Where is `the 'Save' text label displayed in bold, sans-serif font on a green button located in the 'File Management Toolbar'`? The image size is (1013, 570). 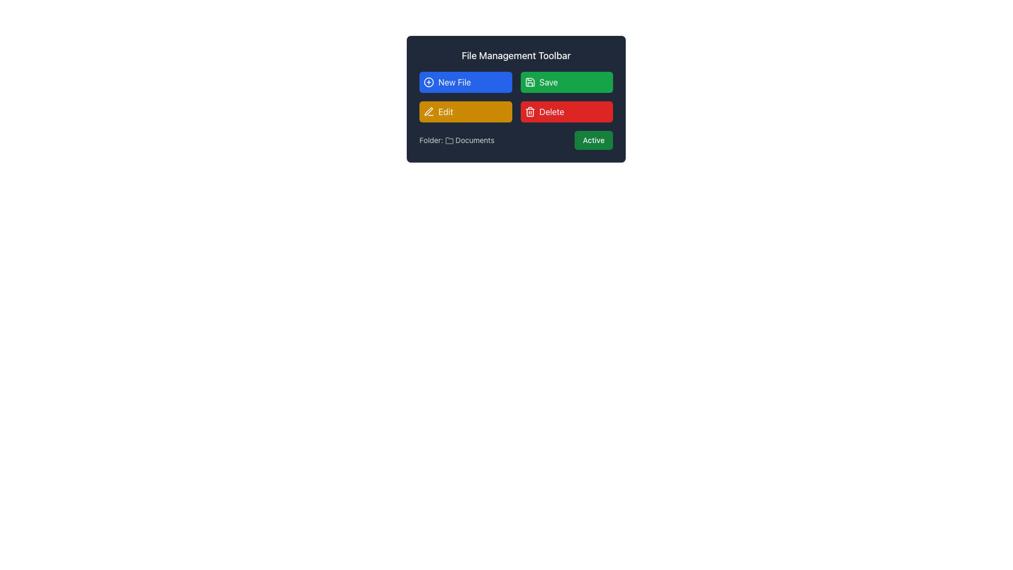 the 'Save' text label displayed in bold, sans-serif font on a green button located in the 'File Management Toolbar' is located at coordinates (549, 81).